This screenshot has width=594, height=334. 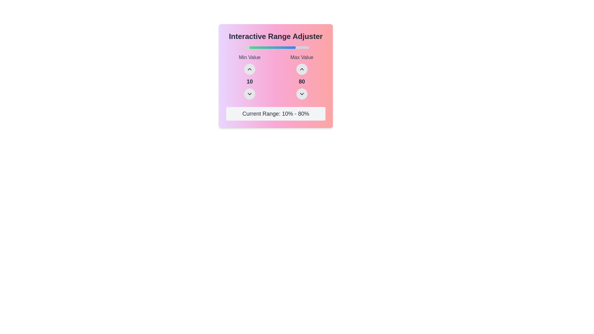 I want to click on the downward adjustment button for the 'Max Value' field located at the bottom of the circular input control in the 'Interactive Range Adjuster' panel, so click(x=302, y=94).